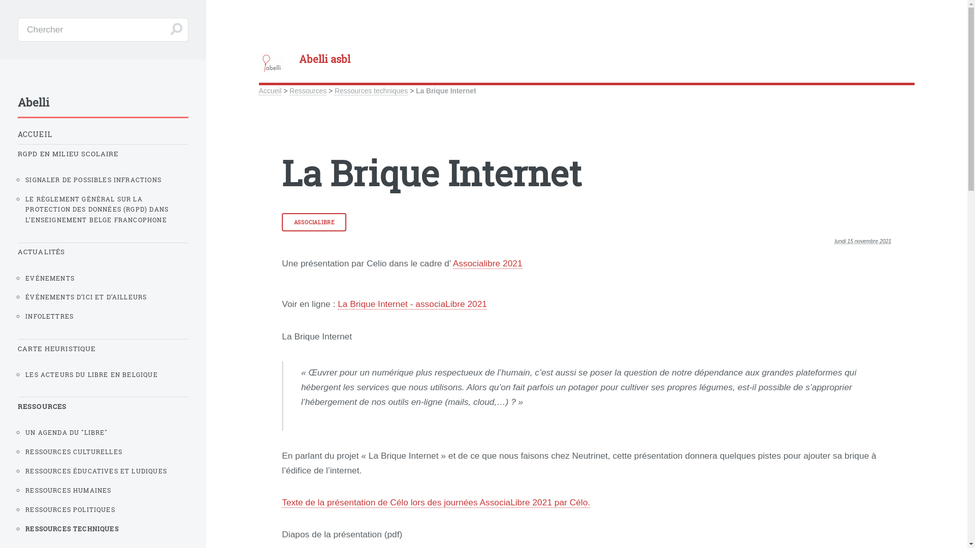 This screenshot has height=548, width=975. I want to click on 'RGPD EN MILIEU SCOLAIRE', so click(103, 154).